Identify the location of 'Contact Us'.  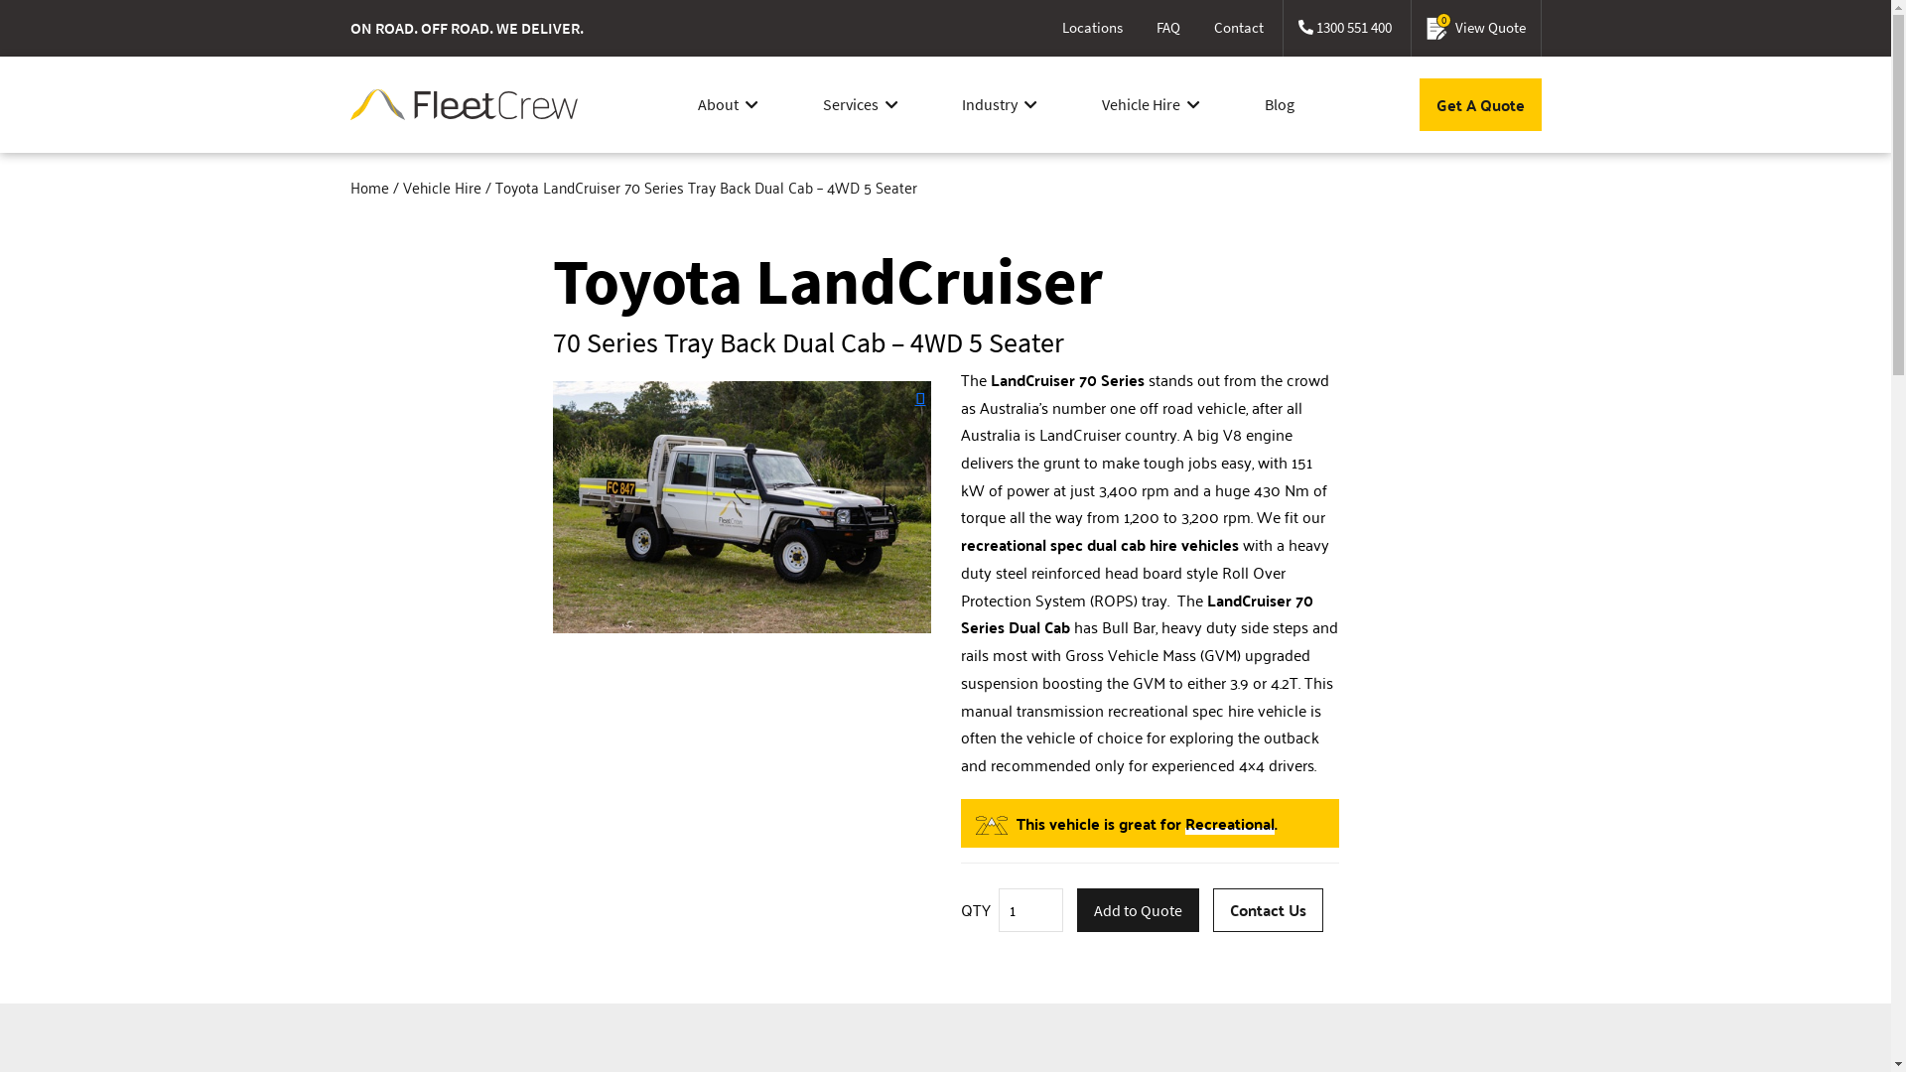
(1212, 910).